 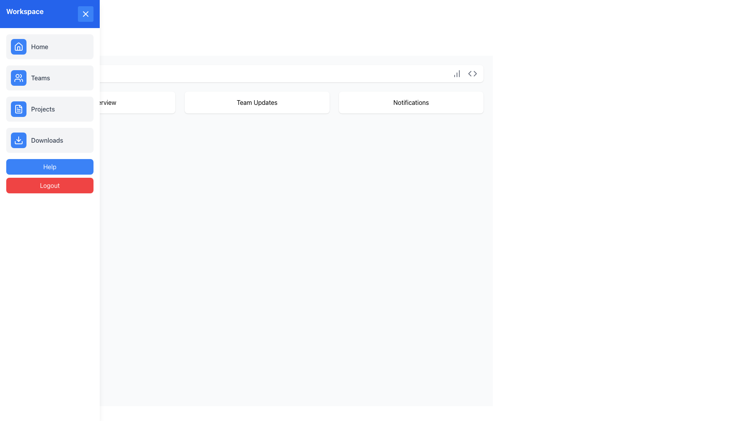 I want to click on the close icon represented by an 'X' within a circular blue button in the top-left area of the application's sidebar, so click(x=15, y=15).